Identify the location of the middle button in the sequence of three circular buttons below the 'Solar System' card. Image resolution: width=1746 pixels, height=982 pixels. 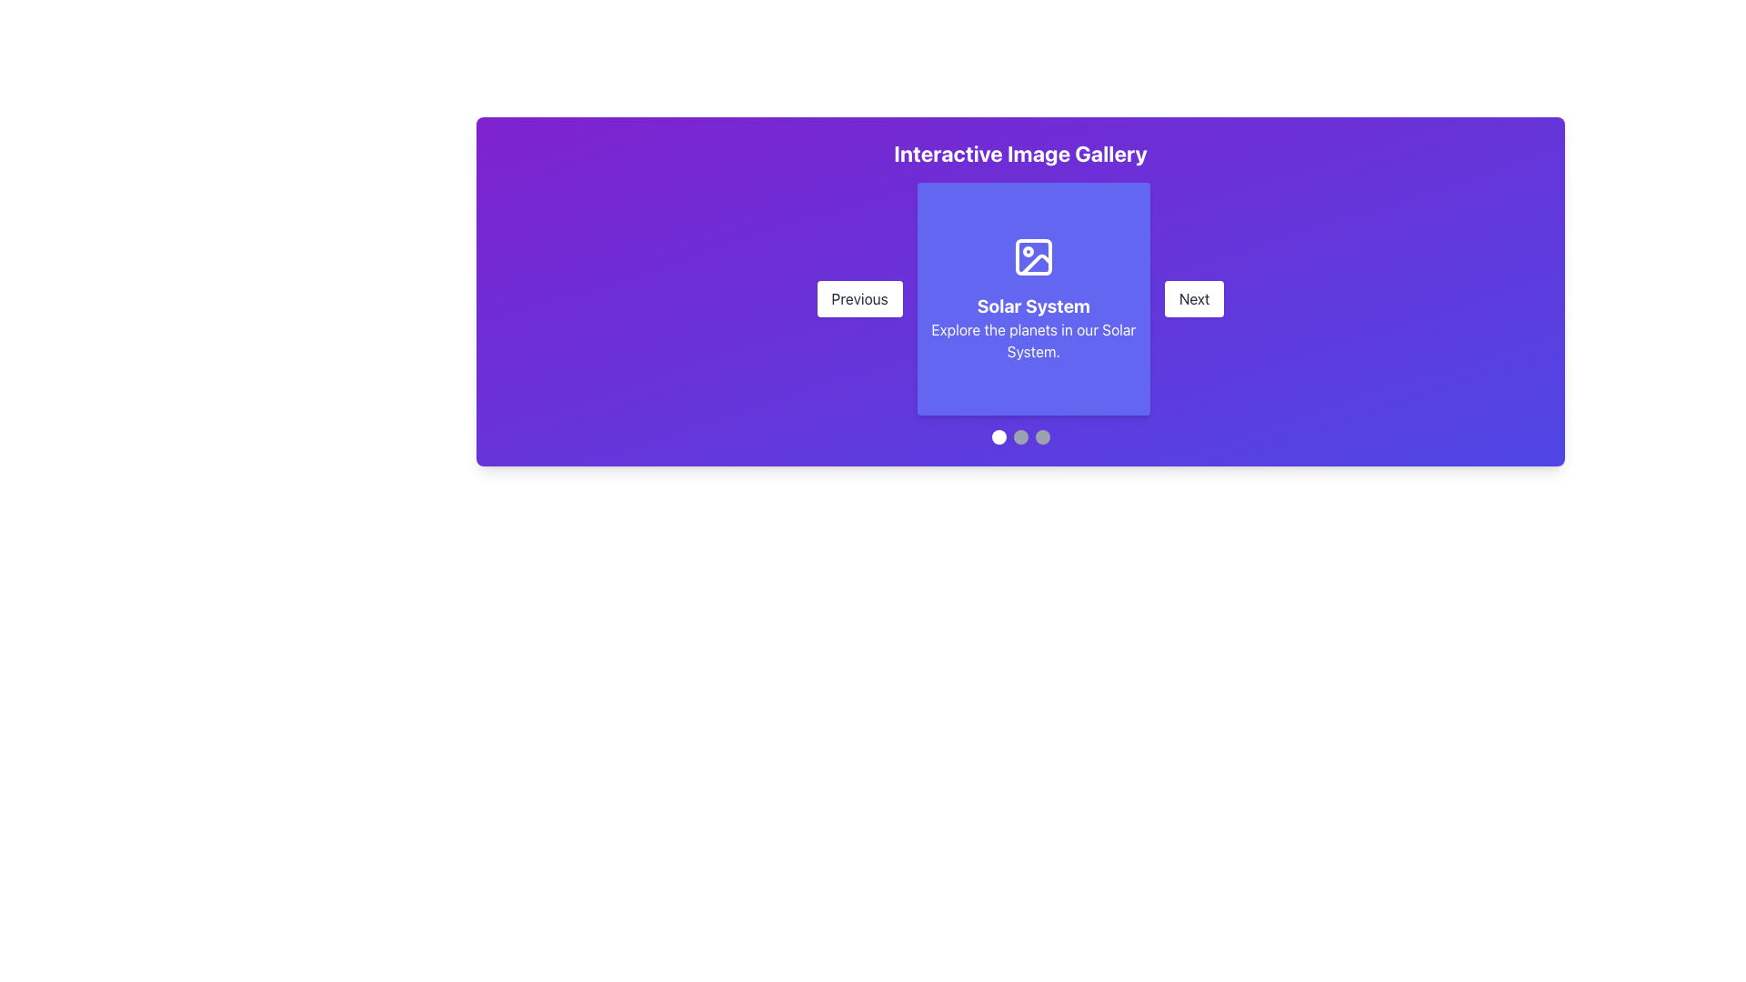
(1020, 437).